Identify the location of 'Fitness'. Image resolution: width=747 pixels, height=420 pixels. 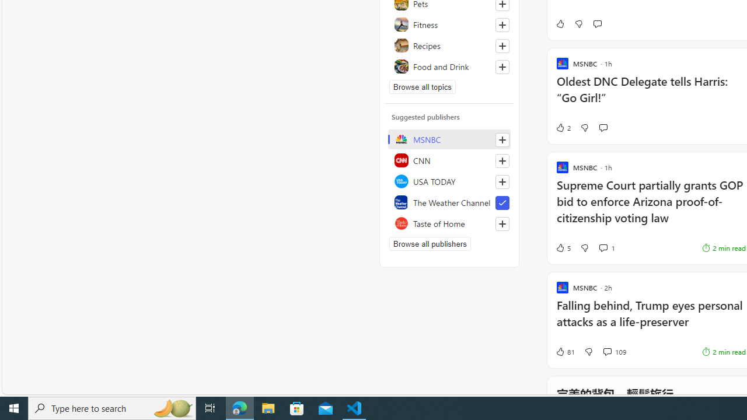
(449, 24).